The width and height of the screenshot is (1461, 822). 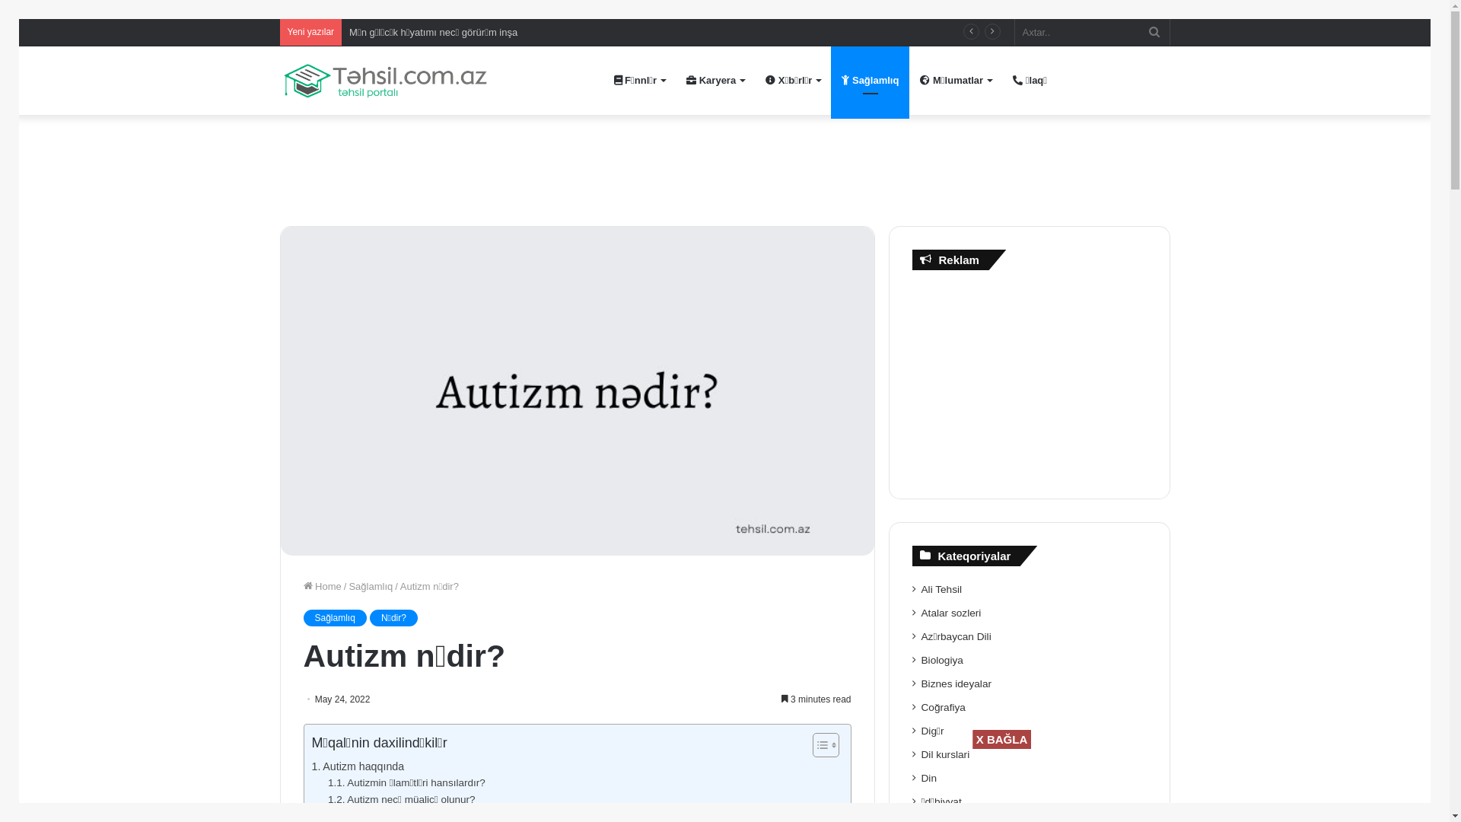 What do you see at coordinates (753, 783) in the screenshot?
I see `'Advertisement'` at bounding box center [753, 783].